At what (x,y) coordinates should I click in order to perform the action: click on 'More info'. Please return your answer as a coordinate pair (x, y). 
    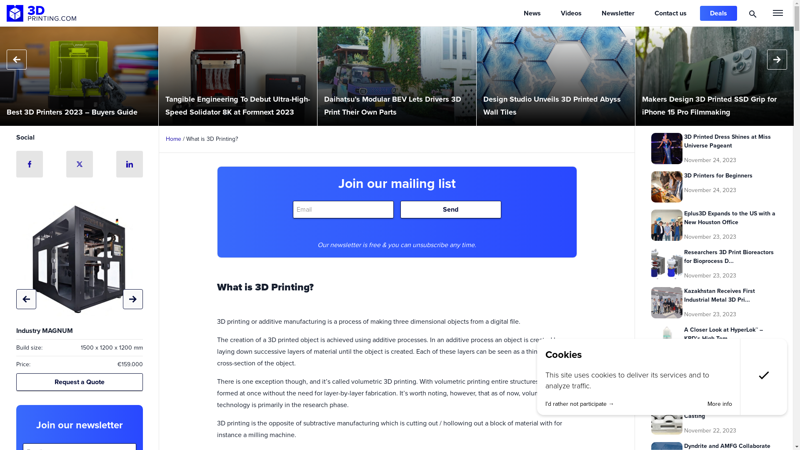
    Looking at the image, I should click on (719, 403).